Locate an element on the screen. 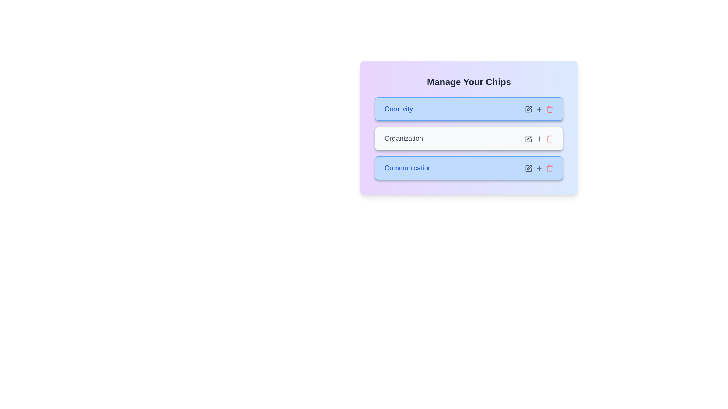 The width and height of the screenshot is (728, 409). delete icon for the chip labeled 'Creativity' is located at coordinates (549, 109).